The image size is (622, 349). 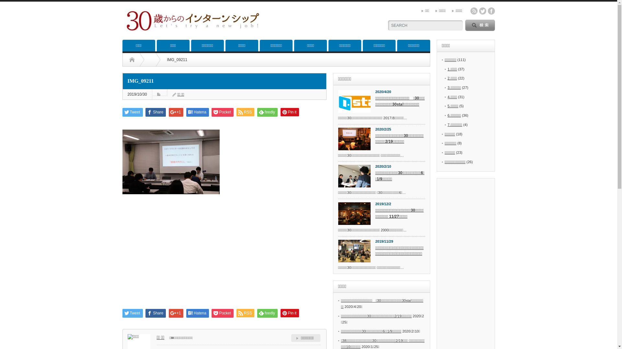 I want to click on 'Pin it', so click(x=289, y=112).